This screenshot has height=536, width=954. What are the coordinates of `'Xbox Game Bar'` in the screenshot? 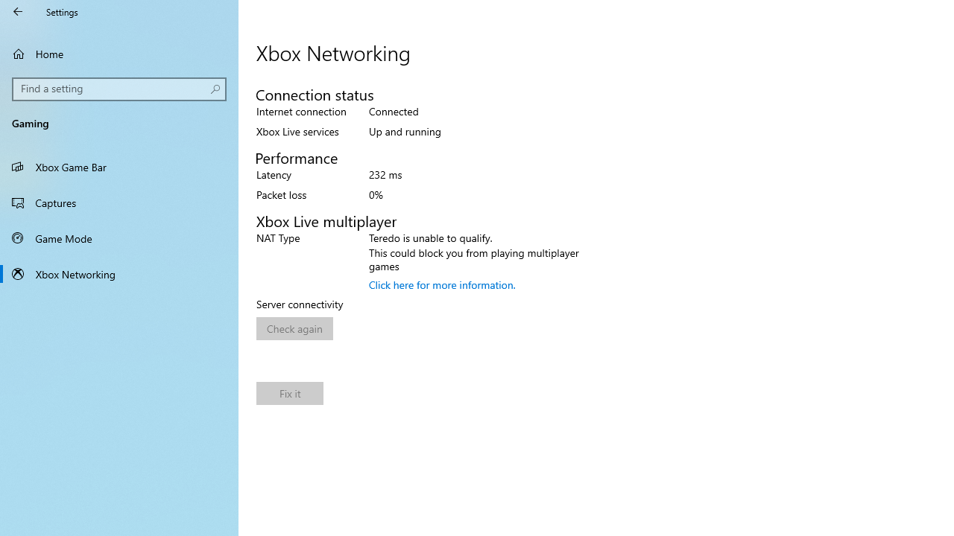 It's located at (119, 166).